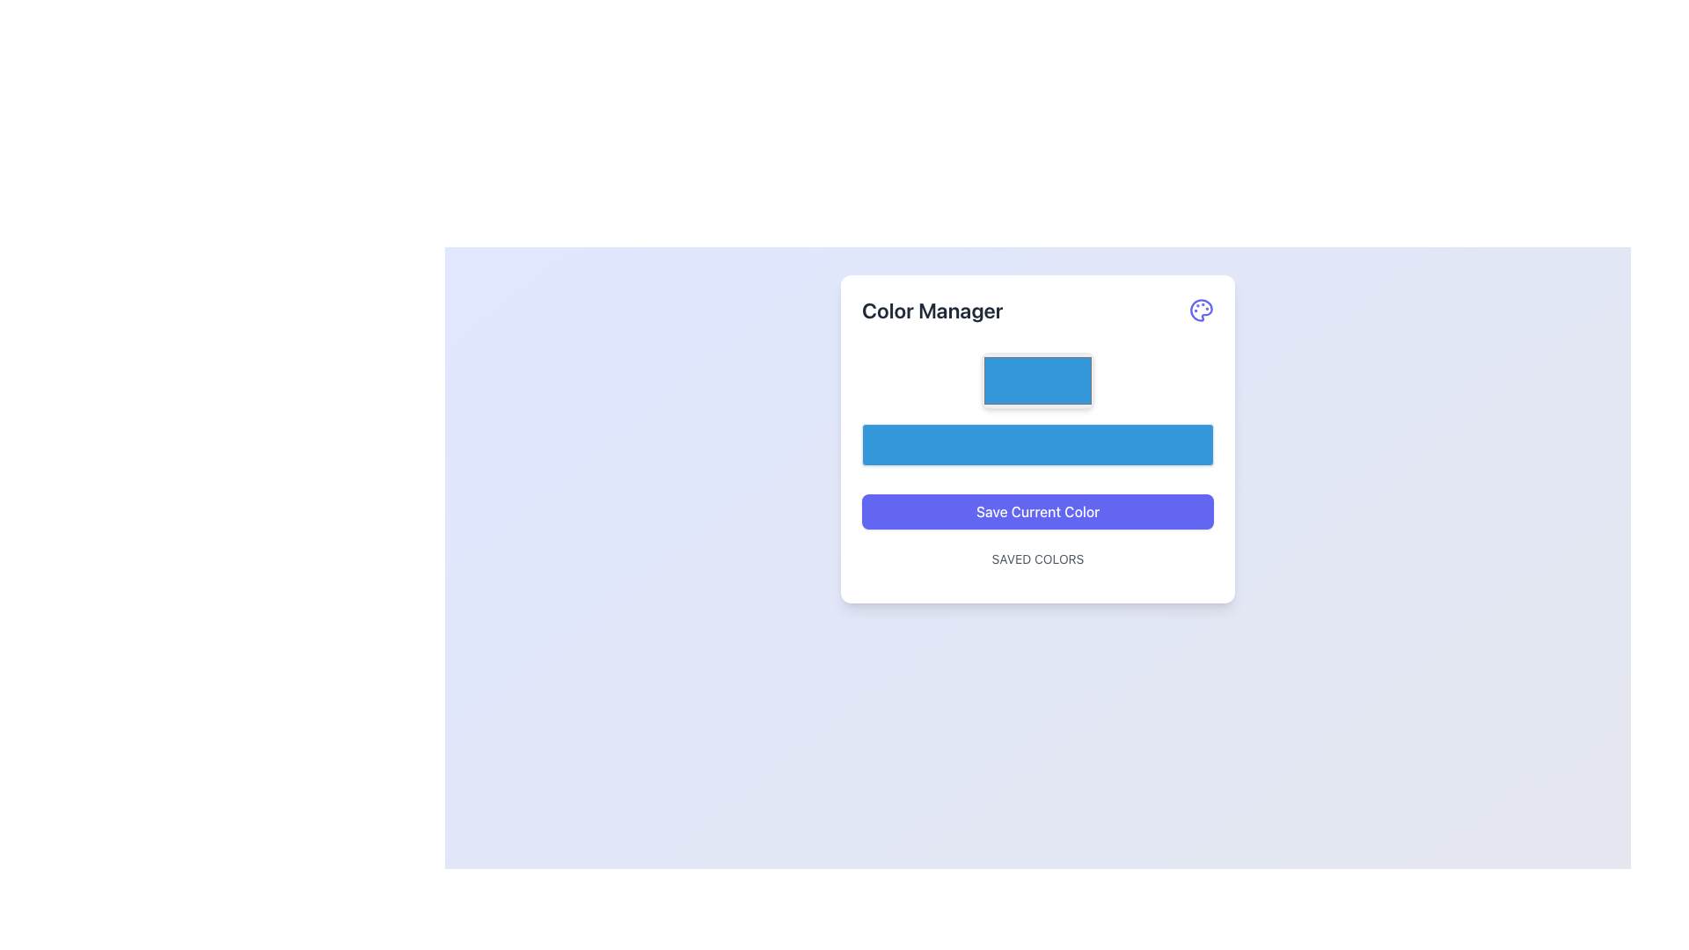 This screenshot has height=950, width=1689. Describe the element at coordinates (1038, 512) in the screenshot. I see `the save color button located near the lower part of the 'Color Manager' panel` at that location.